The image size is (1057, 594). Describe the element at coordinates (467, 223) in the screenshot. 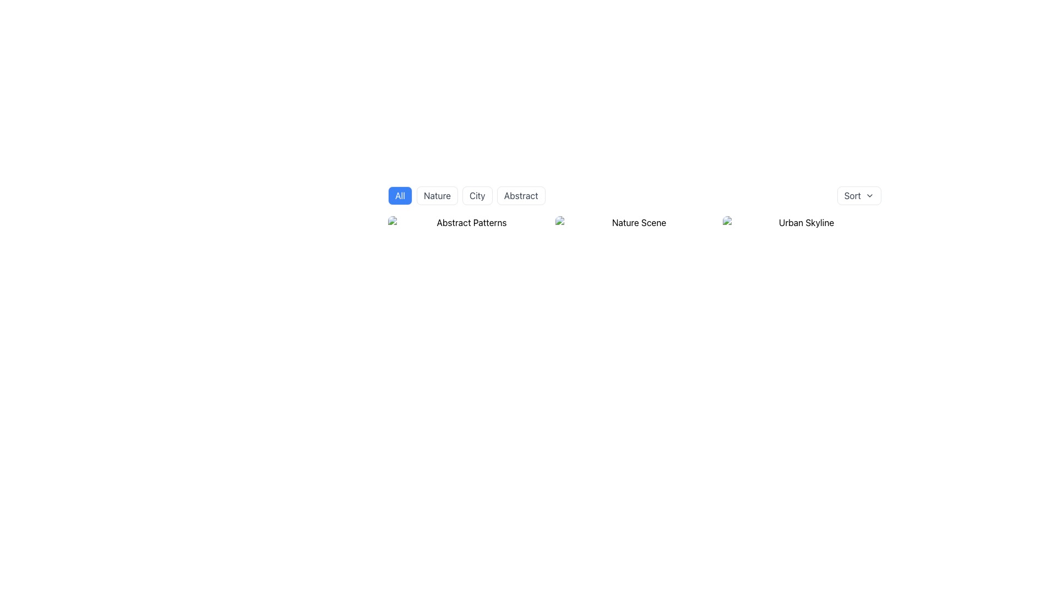

I see `the first item in the grid, representing the 'Abstract Patterns' category` at that location.